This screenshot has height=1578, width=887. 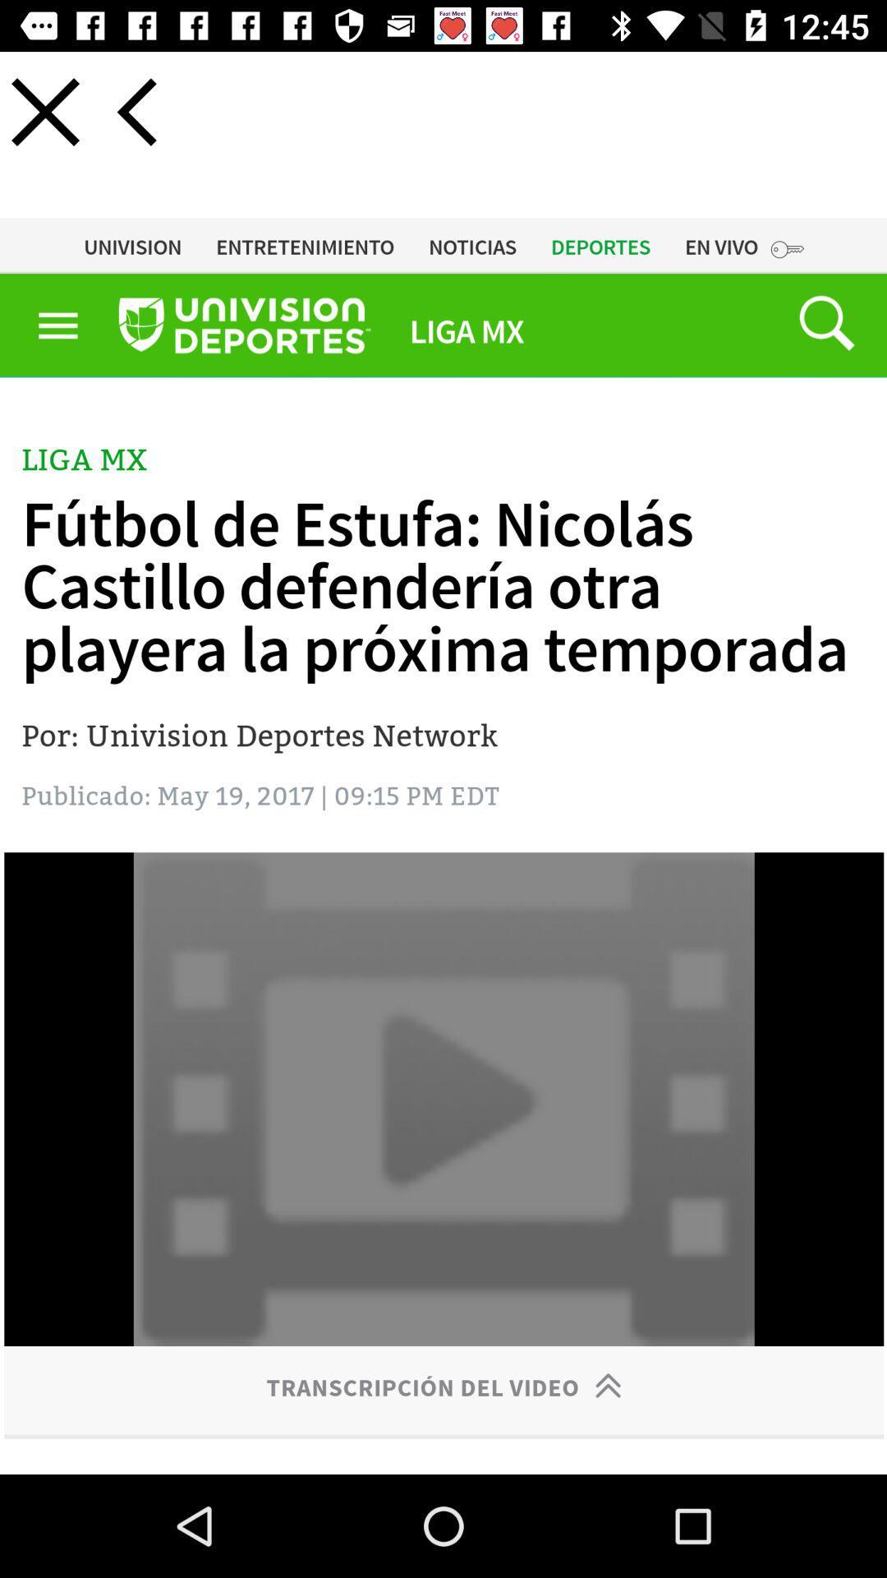 I want to click on go back, so click(x=136, y=111).